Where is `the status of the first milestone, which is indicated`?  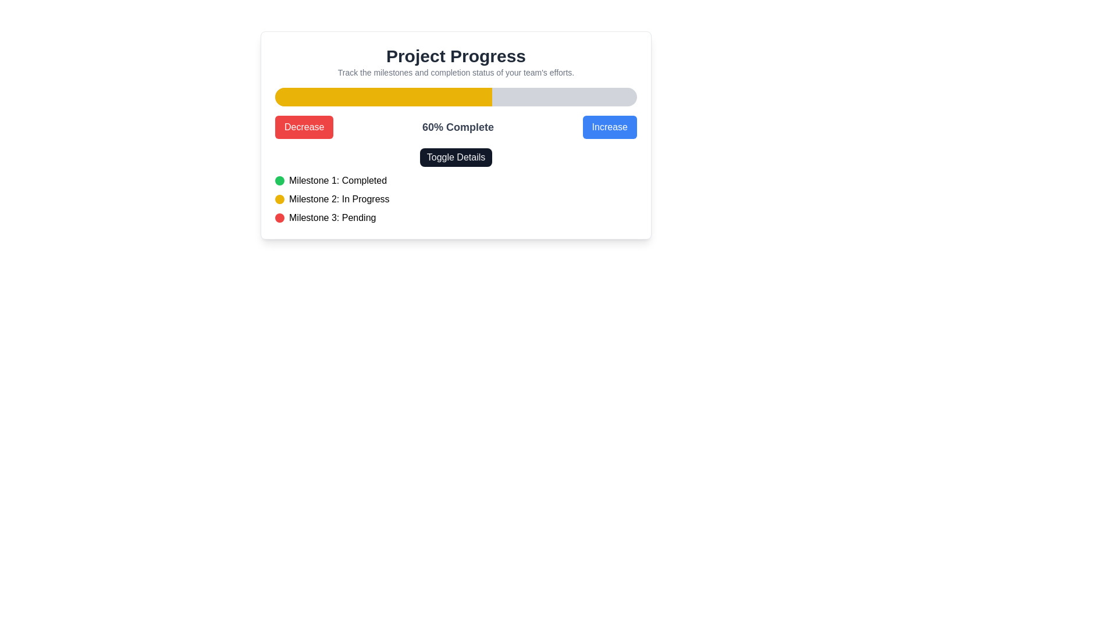
the status of the first milestone, which is indicated is located at coordinates (455, 181).